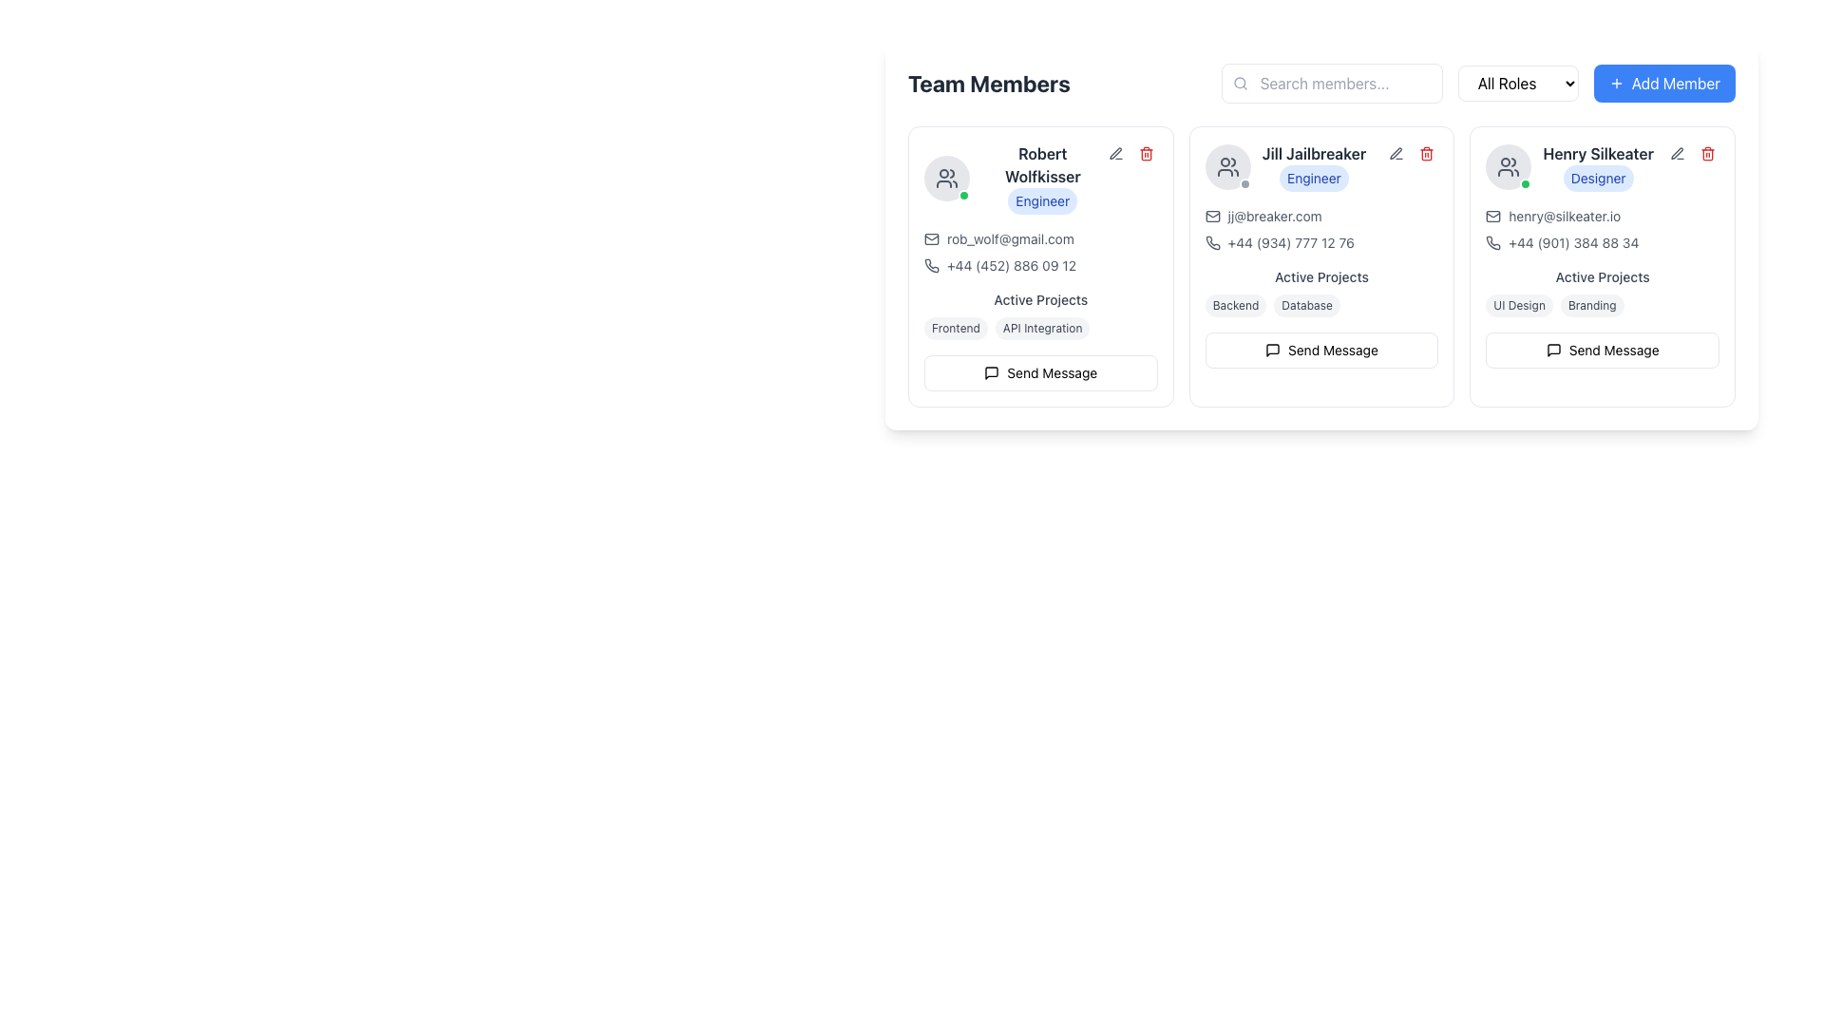  Describe the element at coordinates (1508, 166) in the screenshot. I see `the avatar or profile picture of user 'Henry Silkeater', which is located in the top-left corner of the card containing his information, indicated by a green dot in the bottom-right corner` at that location.